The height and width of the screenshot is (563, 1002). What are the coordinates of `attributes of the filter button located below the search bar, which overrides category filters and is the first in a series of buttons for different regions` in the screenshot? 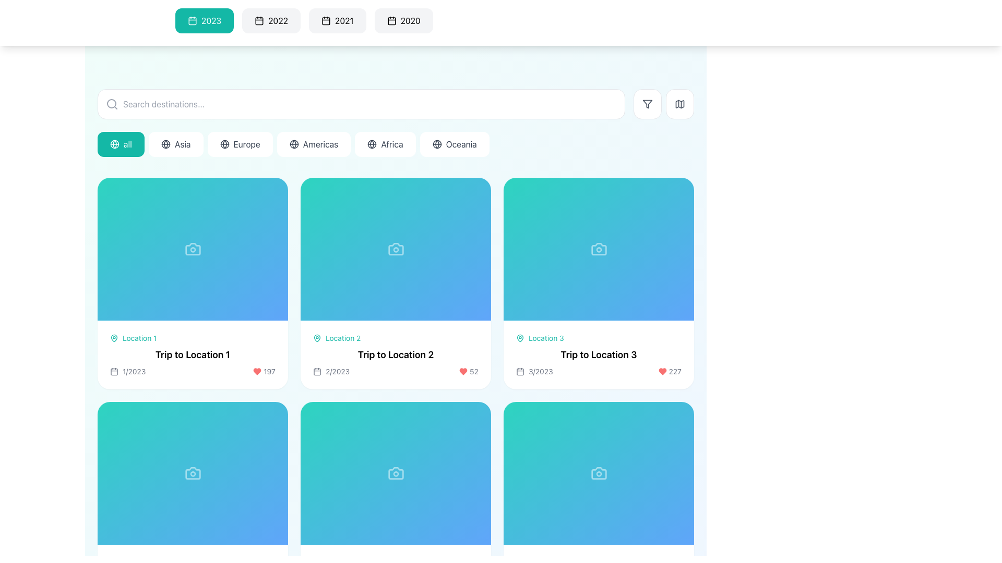 It's located at (121, 144).